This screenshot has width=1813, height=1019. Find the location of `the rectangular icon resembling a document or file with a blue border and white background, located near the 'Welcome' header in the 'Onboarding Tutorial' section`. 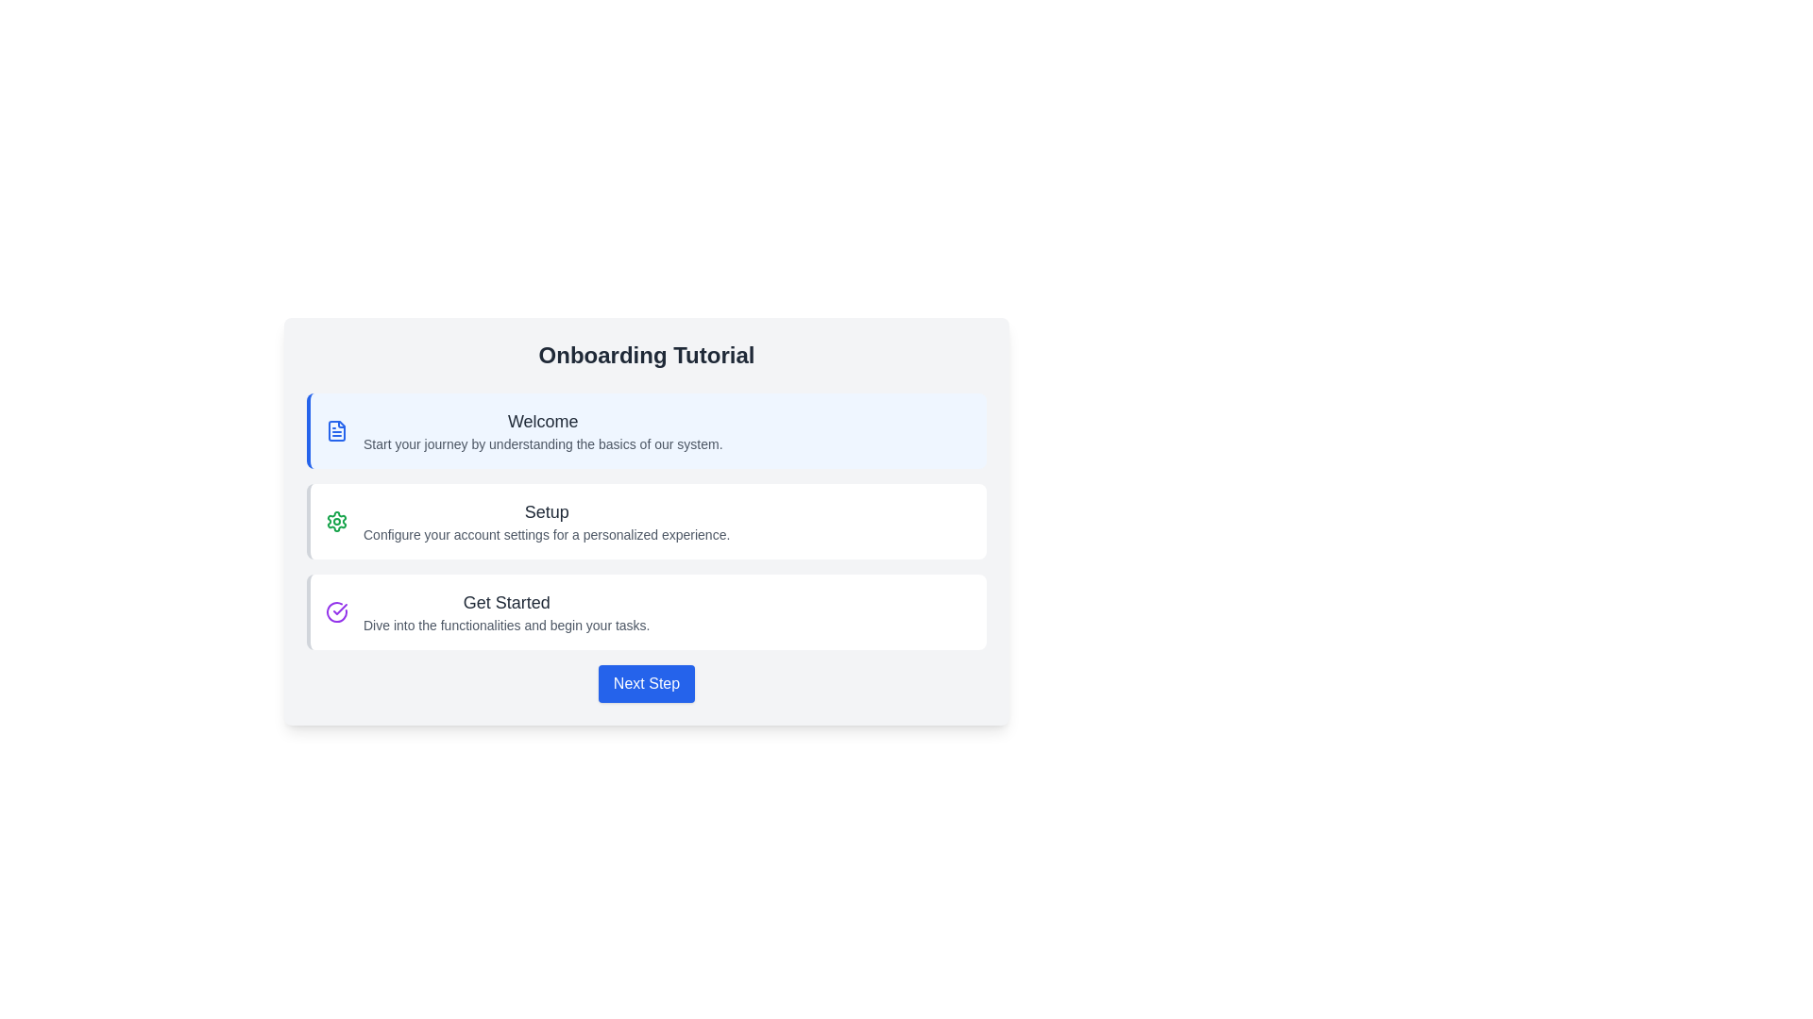

the rectangular icon resembling a document or file with a blue border and white background, located near the 'Welcome' header in the 'Onboarding Tutorial' section is located at coordinates (336, 430).